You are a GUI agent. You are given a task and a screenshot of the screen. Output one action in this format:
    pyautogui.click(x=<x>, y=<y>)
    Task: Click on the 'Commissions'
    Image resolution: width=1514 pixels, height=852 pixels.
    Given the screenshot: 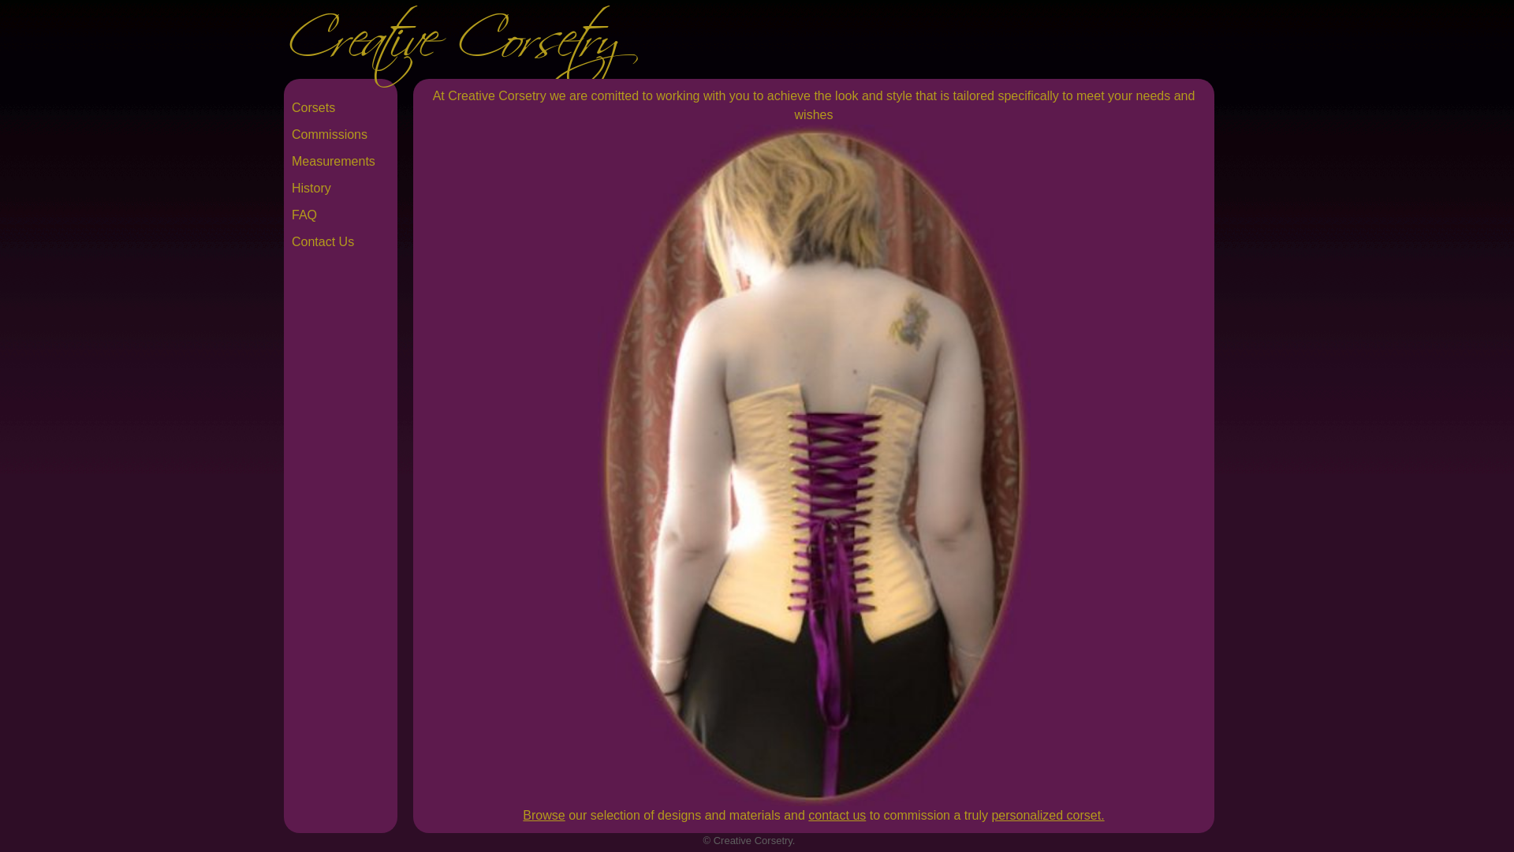 What is the action you would take?
    pyautogui.click(x=340, y=133)
    